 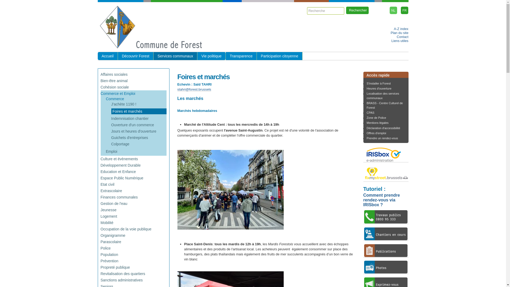 What do you see at coordinates (118, 171) in the screenshot?
I see `'Education et Enfance'` at bounding box center [118, 171].